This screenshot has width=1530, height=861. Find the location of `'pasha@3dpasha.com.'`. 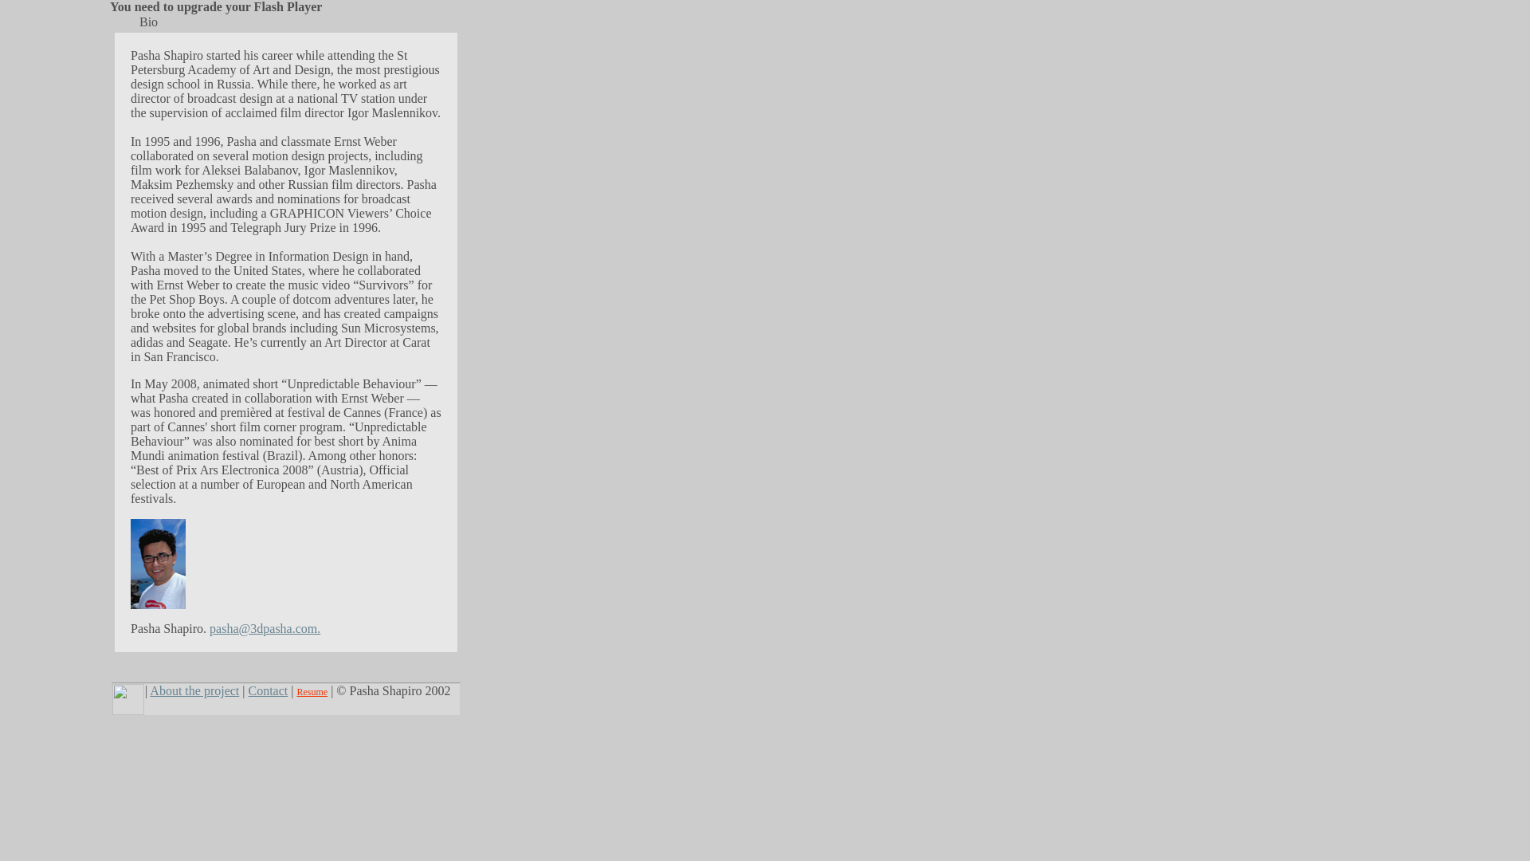

'pasha@3dpasha.com.' is located at coordinates (265, 627).